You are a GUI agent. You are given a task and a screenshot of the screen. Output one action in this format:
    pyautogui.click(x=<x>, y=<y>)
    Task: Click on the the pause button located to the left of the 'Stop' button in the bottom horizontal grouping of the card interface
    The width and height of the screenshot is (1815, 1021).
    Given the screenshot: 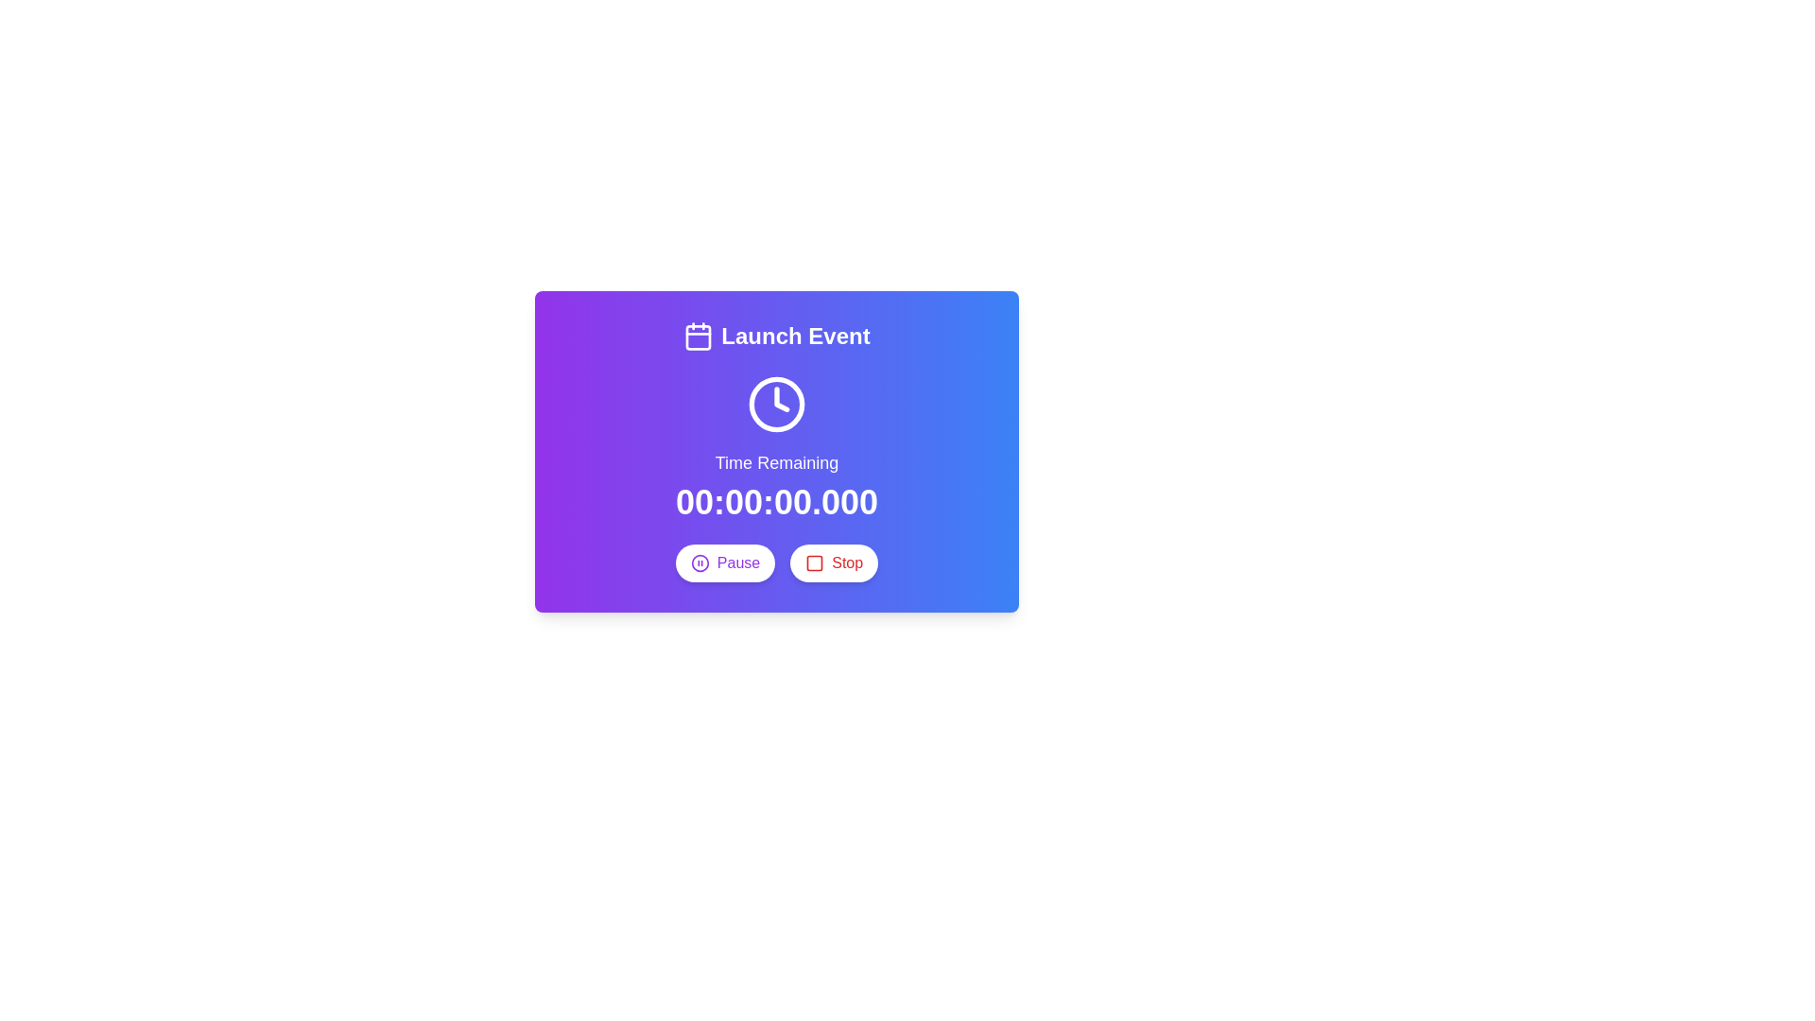 What is the action you would take?
    pyautogui.click(x=724, y=562)
    